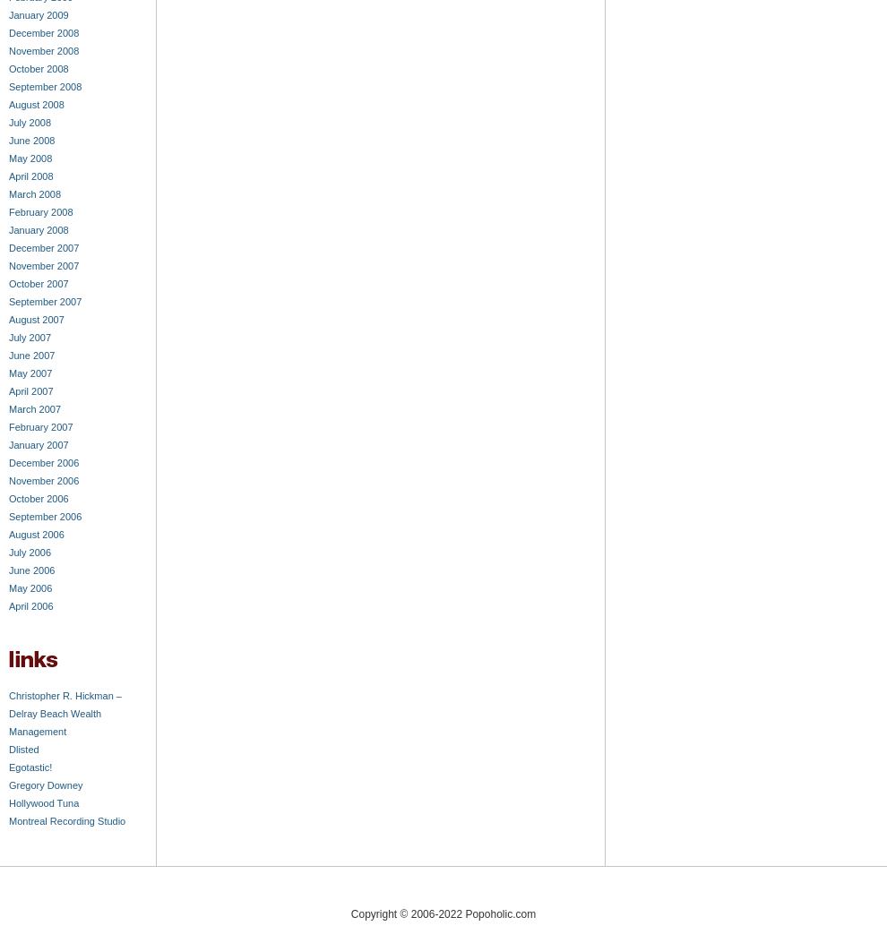 This screenshot has width=887, height=943. Describe the element at coordinates (44, 517) in the screenshot. I see `'September 2006'` at that location.